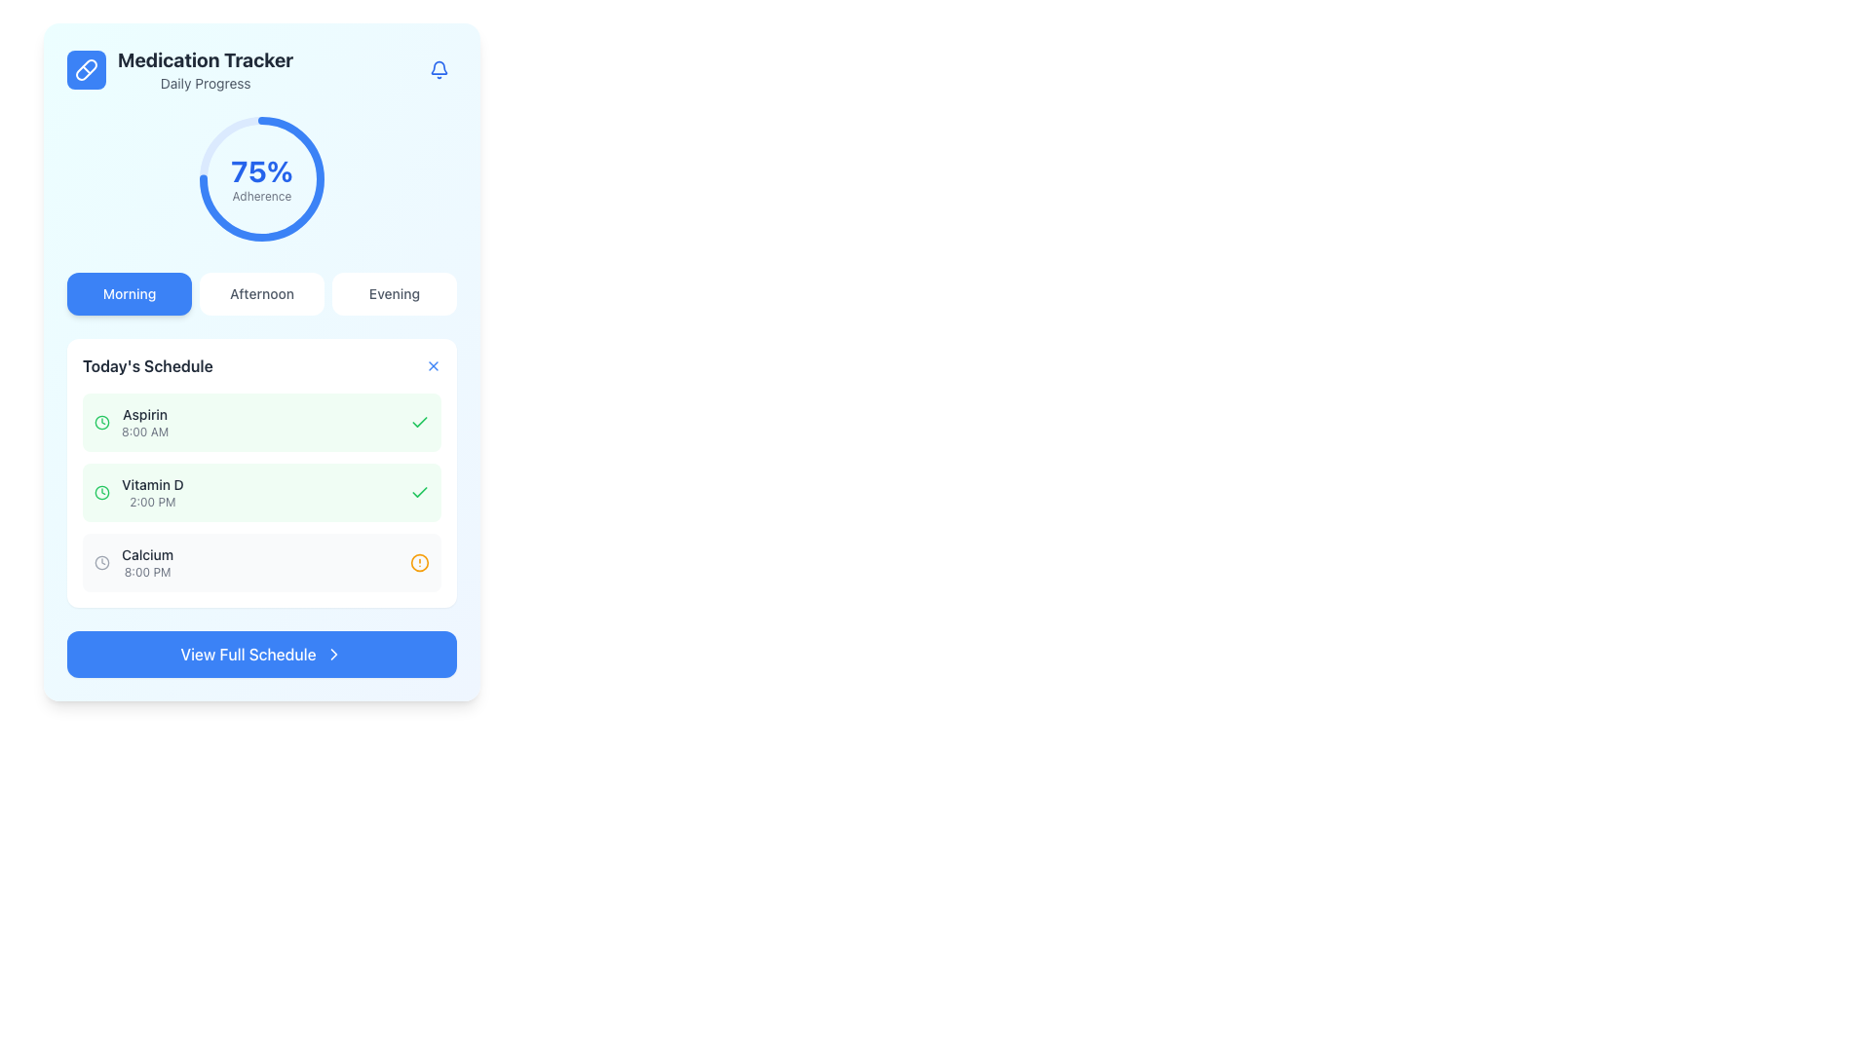 This screenshot has height=1052, width=1871. Describe the element at coordinates (133, 563) in the screenshot. I see `the third item in the 'Today's Schedule' section indicating the medication 'Calcium' at '8:00 PM'` at that location.